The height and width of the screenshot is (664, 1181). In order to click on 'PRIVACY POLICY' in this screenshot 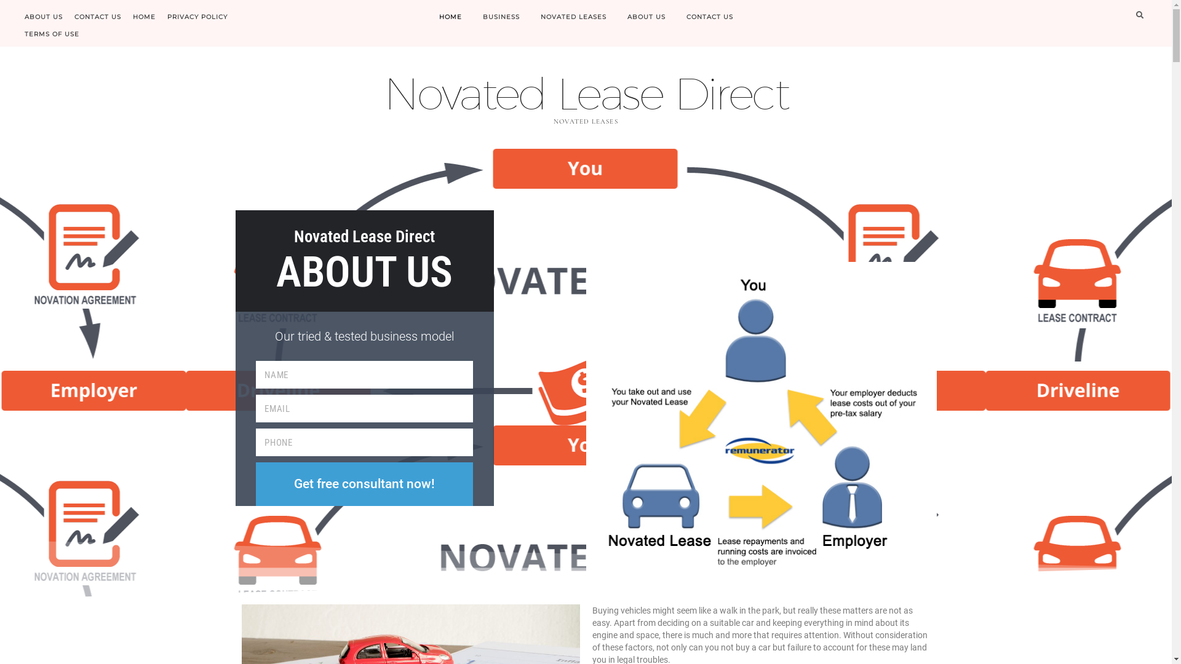, I will do `click(197, 14)`.